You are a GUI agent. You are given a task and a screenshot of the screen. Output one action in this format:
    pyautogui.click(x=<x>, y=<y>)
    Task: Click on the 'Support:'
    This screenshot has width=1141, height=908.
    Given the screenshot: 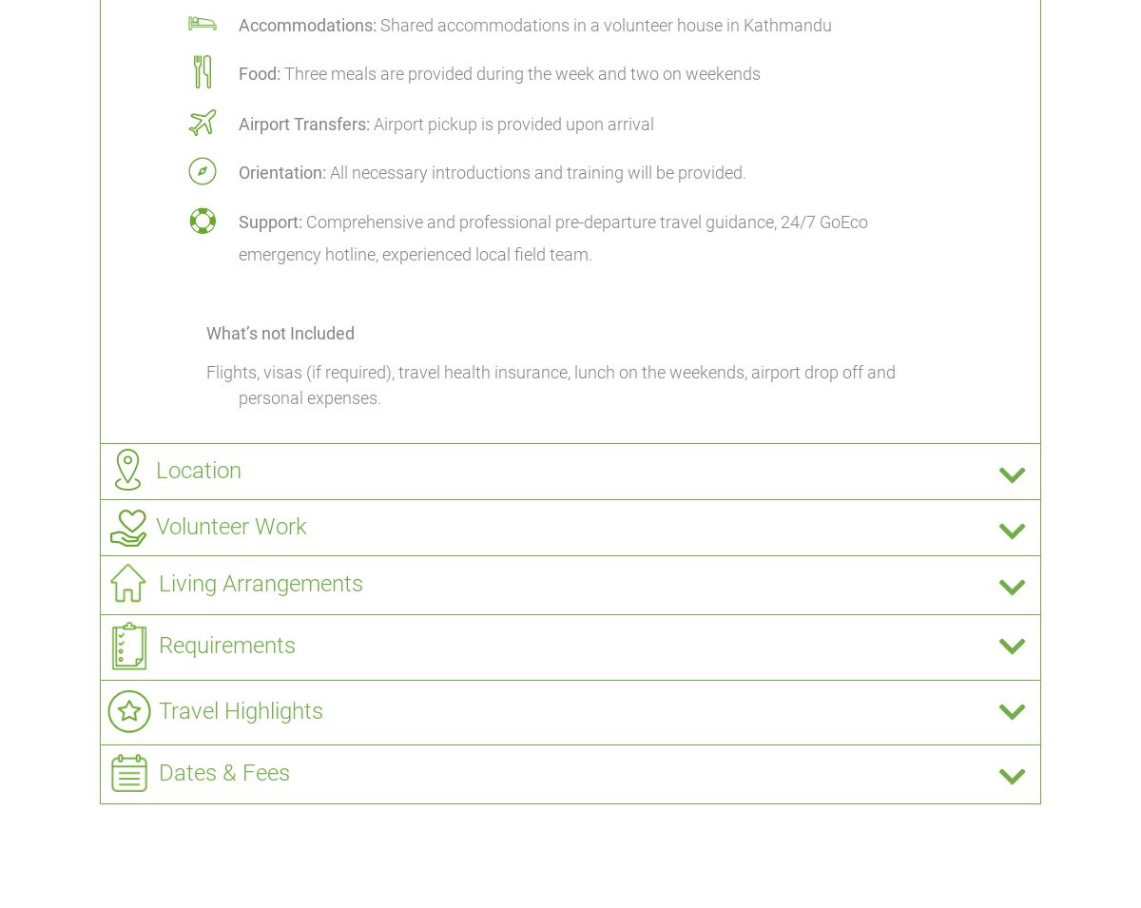 What is the action you would take?
    pyautogui.click(x=269, y=222)
    